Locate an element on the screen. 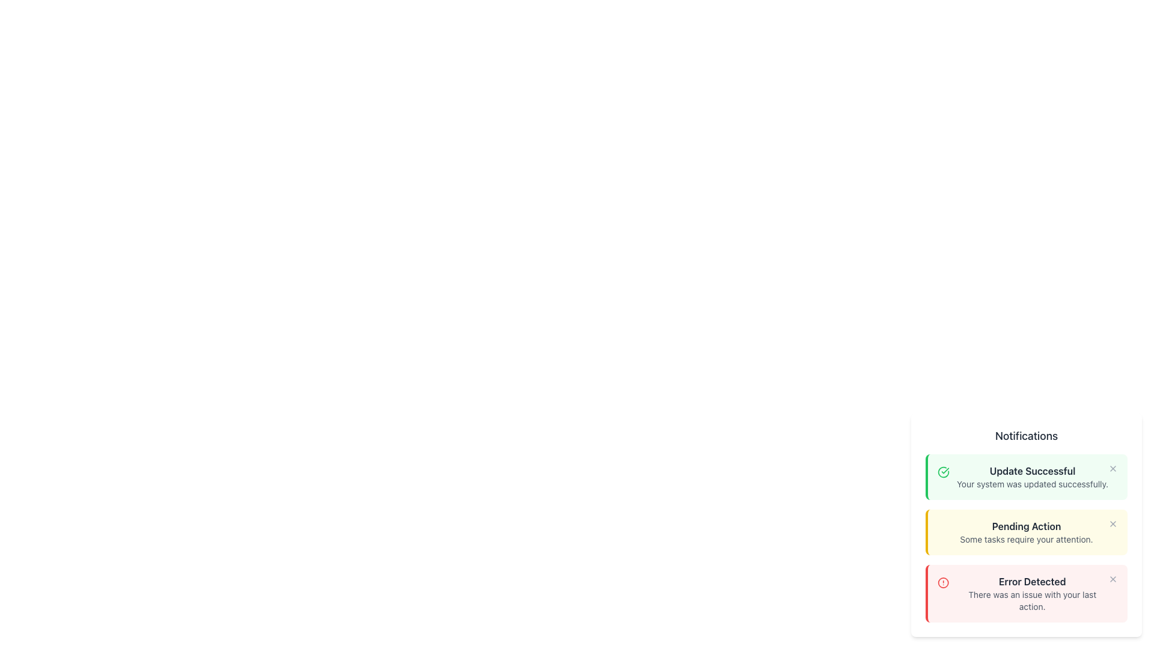 The image size is (1154, 649). the close button of the 'Pending Action' notification to observe a visual color change is located at coordinates (1113, 523).